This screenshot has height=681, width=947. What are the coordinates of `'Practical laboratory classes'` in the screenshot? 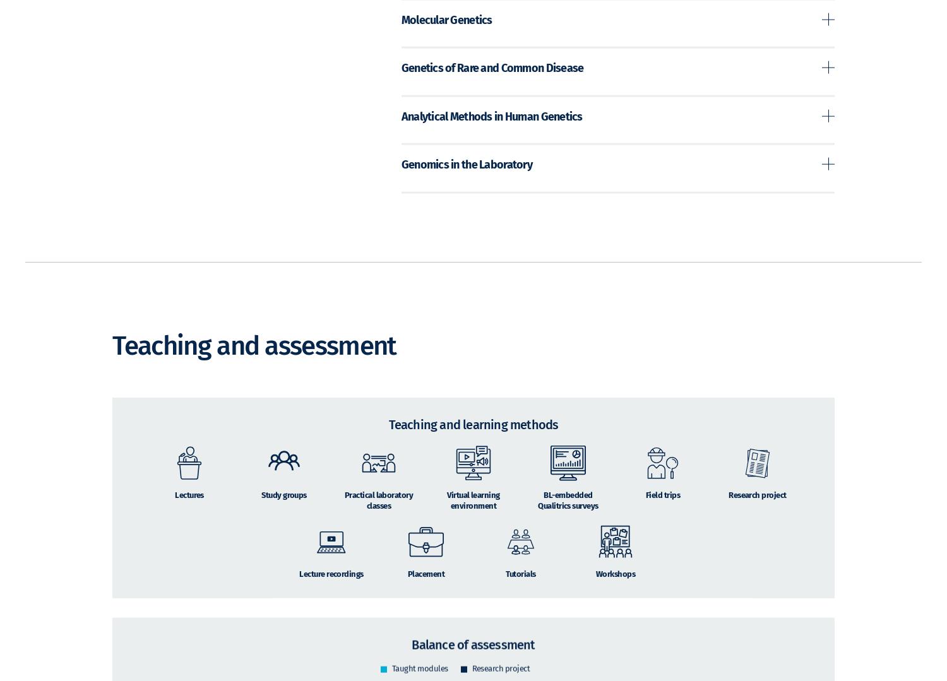 It's located at (343, 518).